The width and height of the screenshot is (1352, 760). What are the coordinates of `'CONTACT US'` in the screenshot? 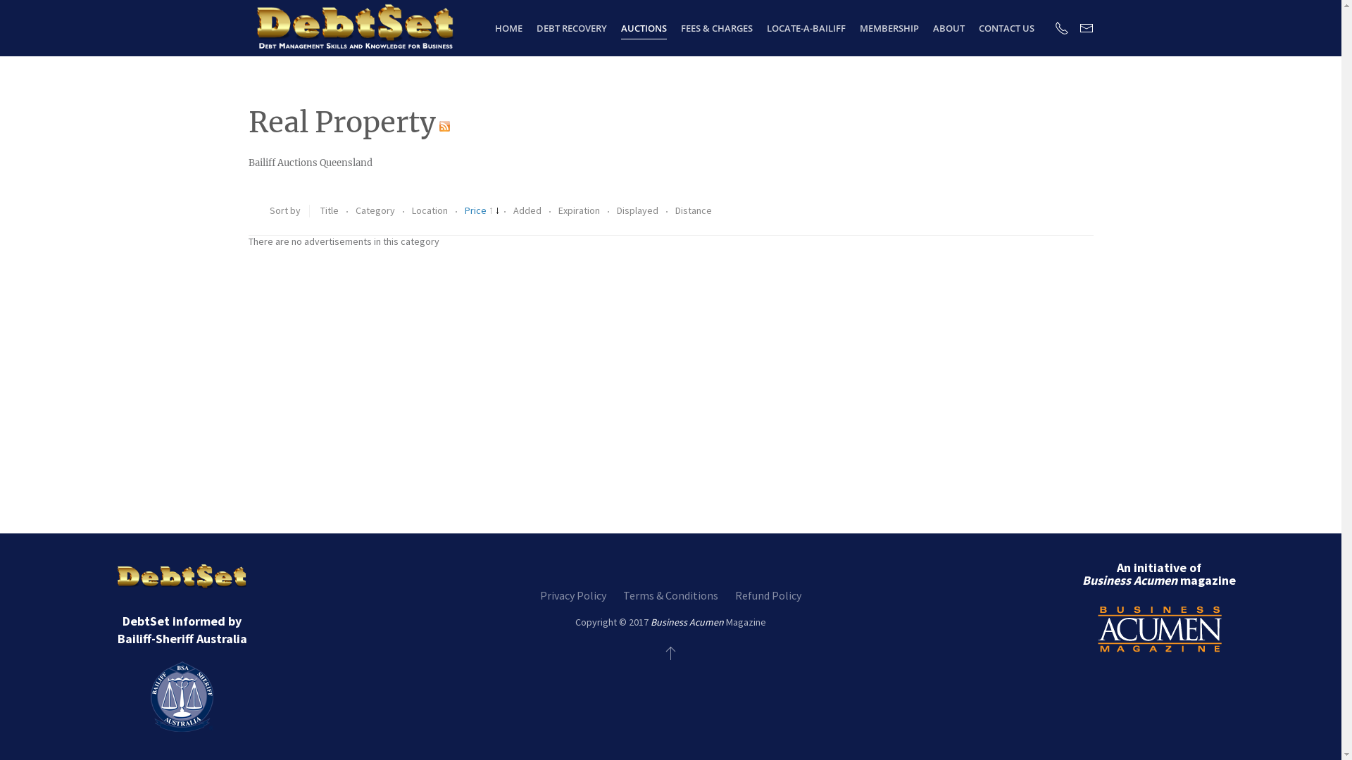 It's located at (1006, 27).